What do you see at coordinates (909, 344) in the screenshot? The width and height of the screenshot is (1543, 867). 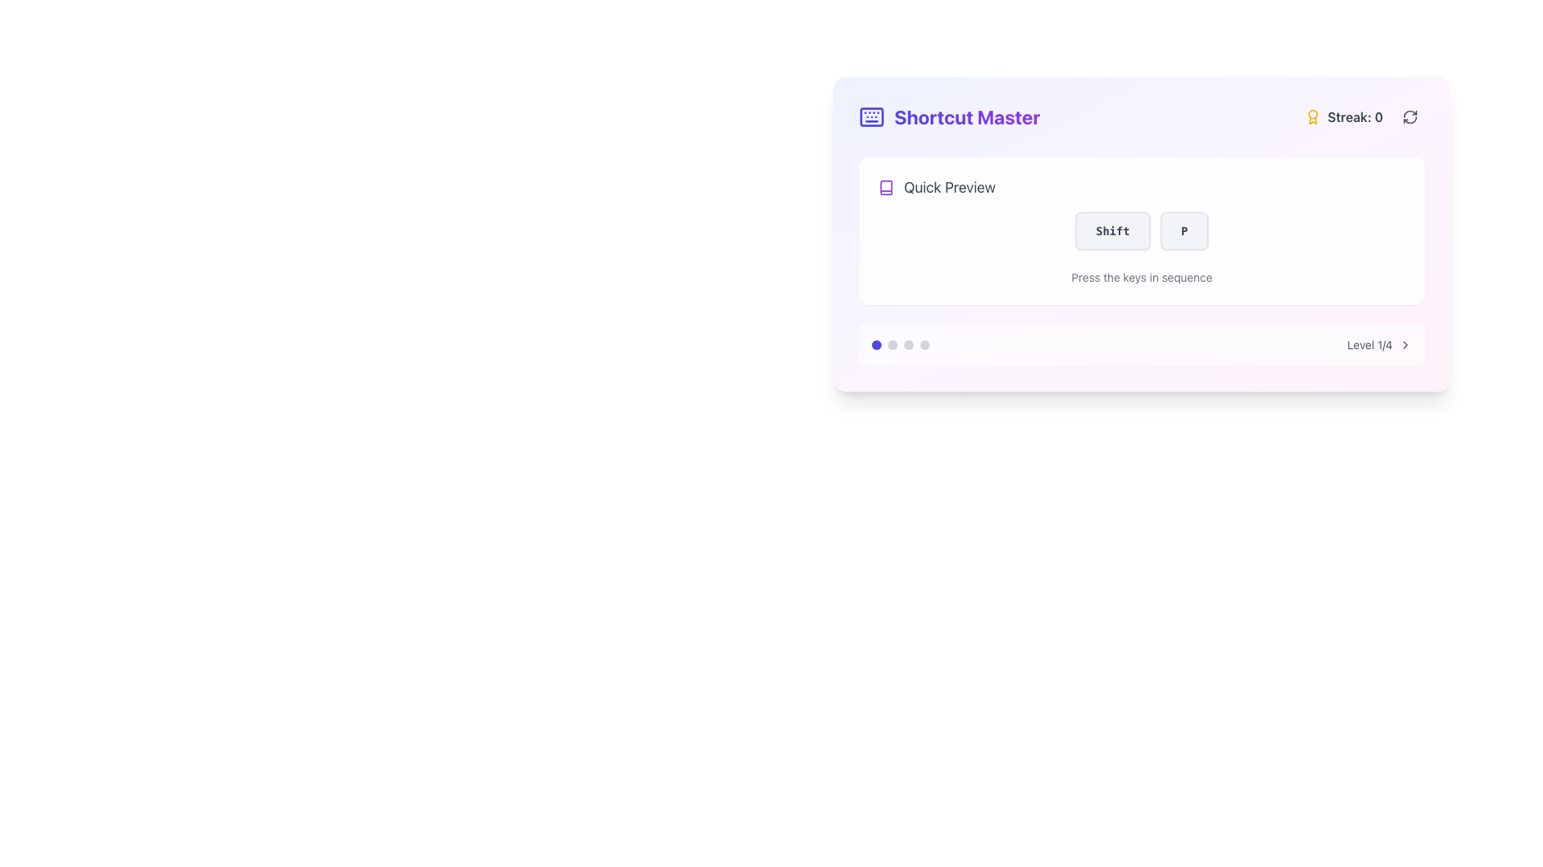 I see `the third progress indicator located at the bottom of the 'Shortcut Master' card, which serves as a visual cue for navigation or progress indication` at bounding box center [909, 344].